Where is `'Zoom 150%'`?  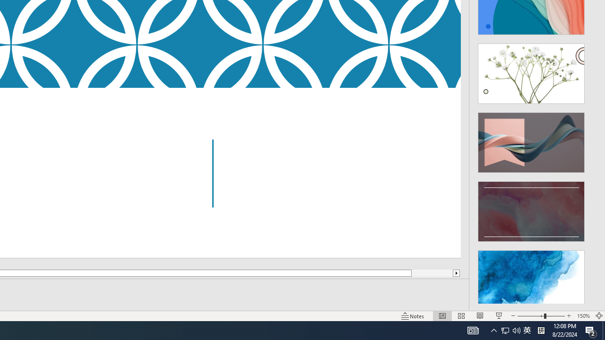
'Zoom 150%' is located at coordinates (583, 316).